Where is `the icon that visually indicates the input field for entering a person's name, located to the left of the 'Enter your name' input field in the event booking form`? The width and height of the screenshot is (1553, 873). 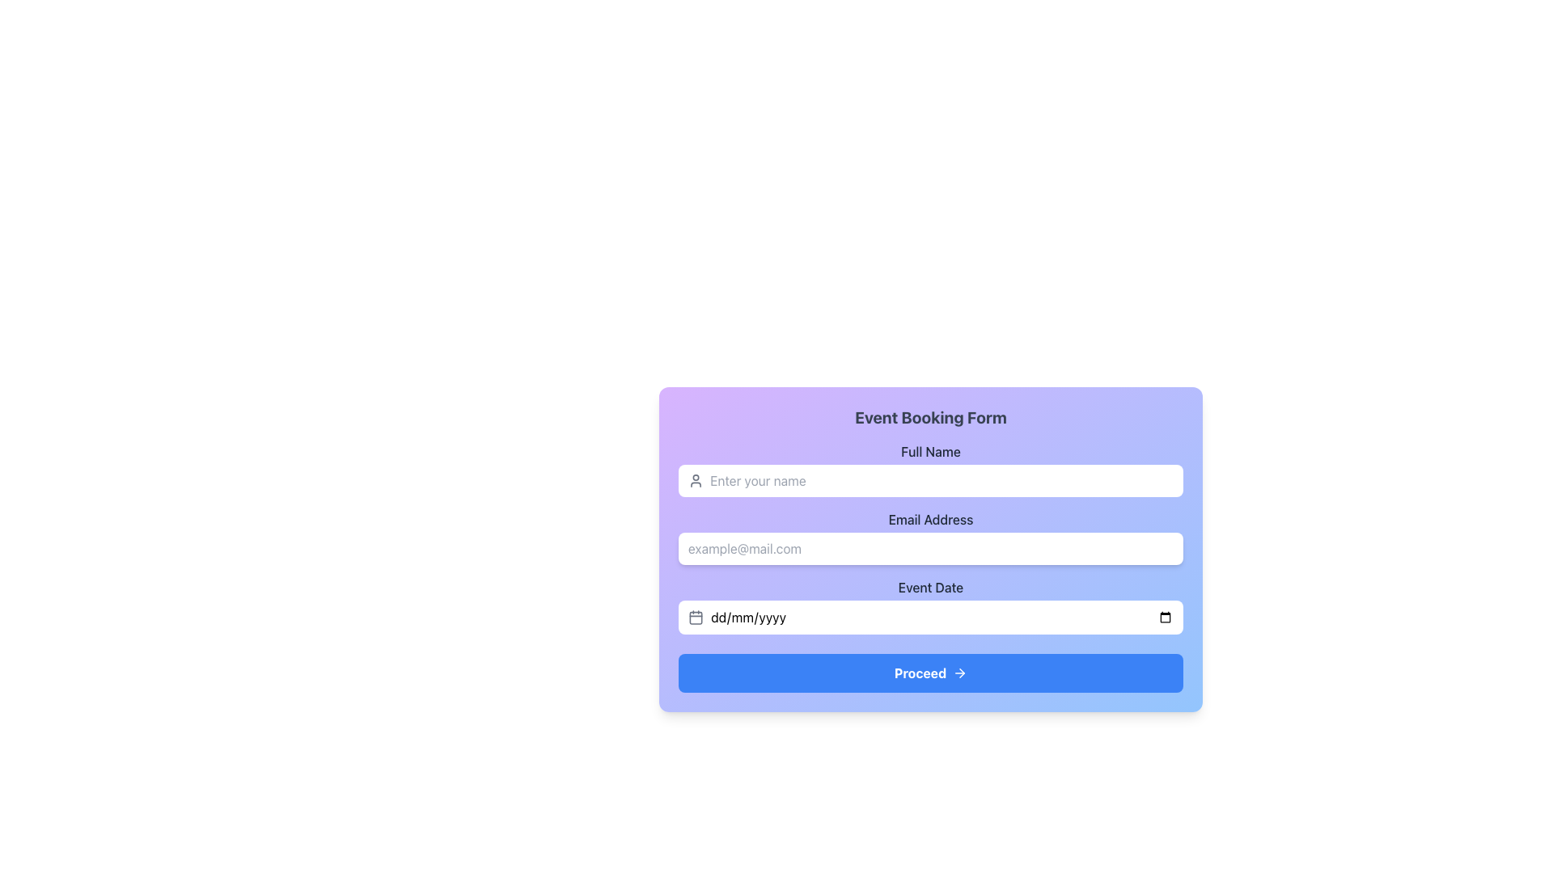
the icon that visually indicates the input field for entering a person's name, located to the left of the 'Enter your name' input field in the event booking form is located at coordinates (696, 479).